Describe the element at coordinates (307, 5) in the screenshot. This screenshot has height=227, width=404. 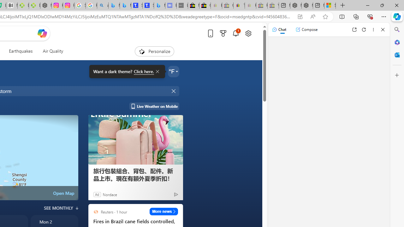
I see `'Nordace - Summer Adventures 2024'` at that location.